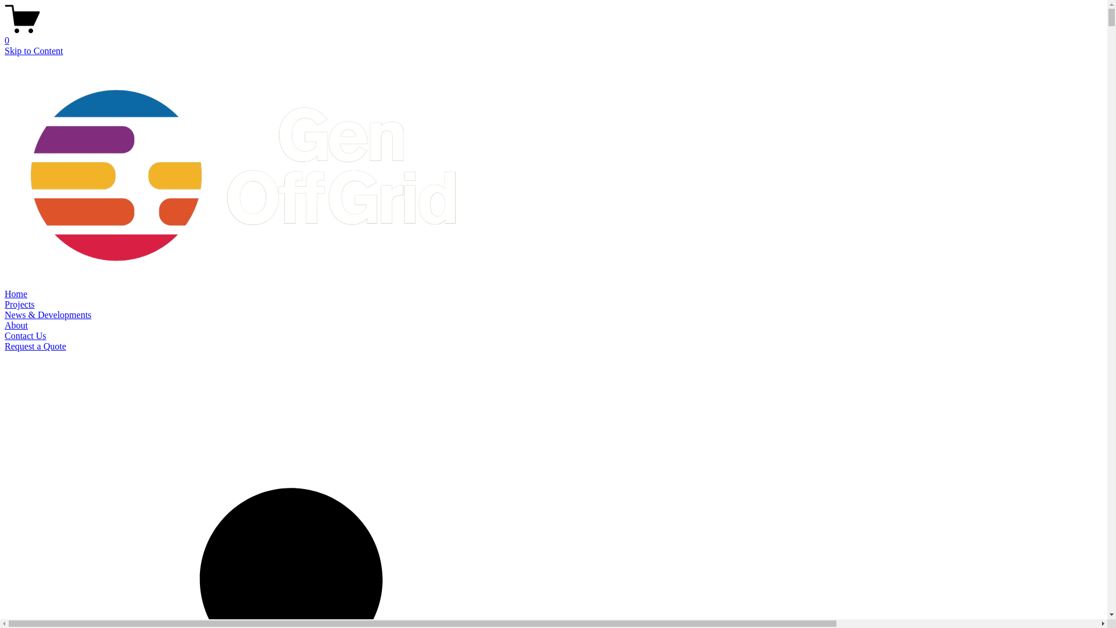 The height and width of the screenshot is (628, 1116). What do you see at coordinates (16, 325) in the screenshot?
I see `'About'` at bounding box center [16, 325].